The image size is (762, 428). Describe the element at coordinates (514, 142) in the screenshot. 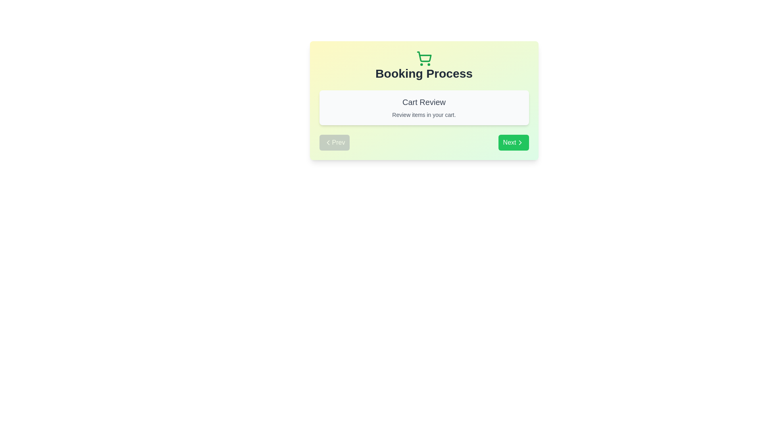

I see `the 'Next' button, which is a rectangular button with rounded corners, green background, and white text` at that location.